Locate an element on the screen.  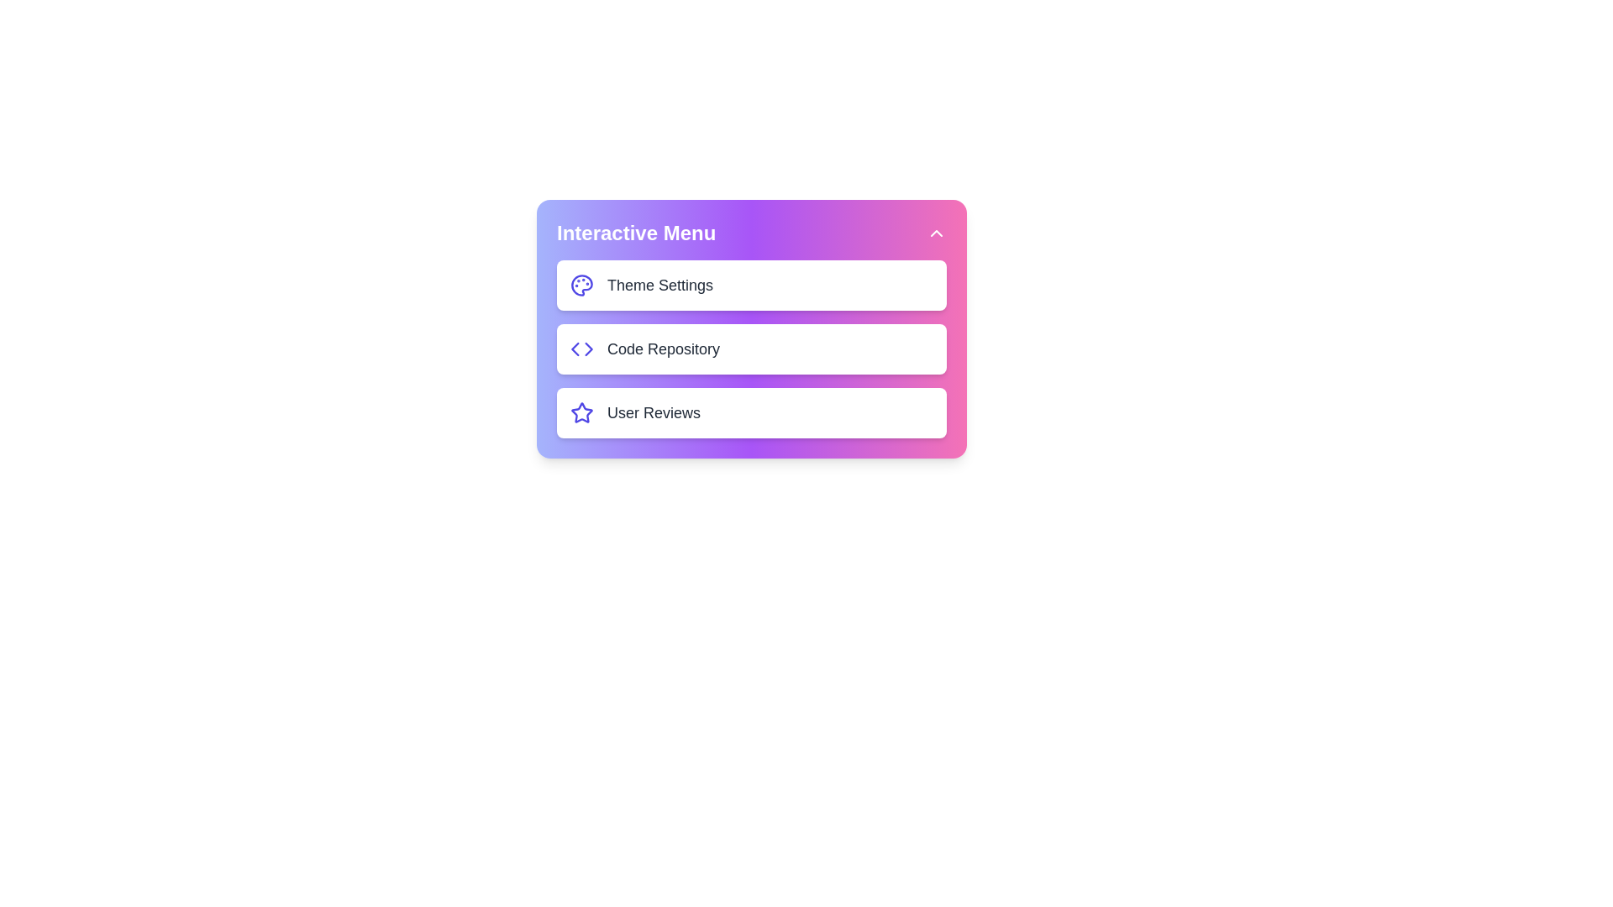
the menu item User Reviews to observe visual feedback is located at coordinates (750, 413).